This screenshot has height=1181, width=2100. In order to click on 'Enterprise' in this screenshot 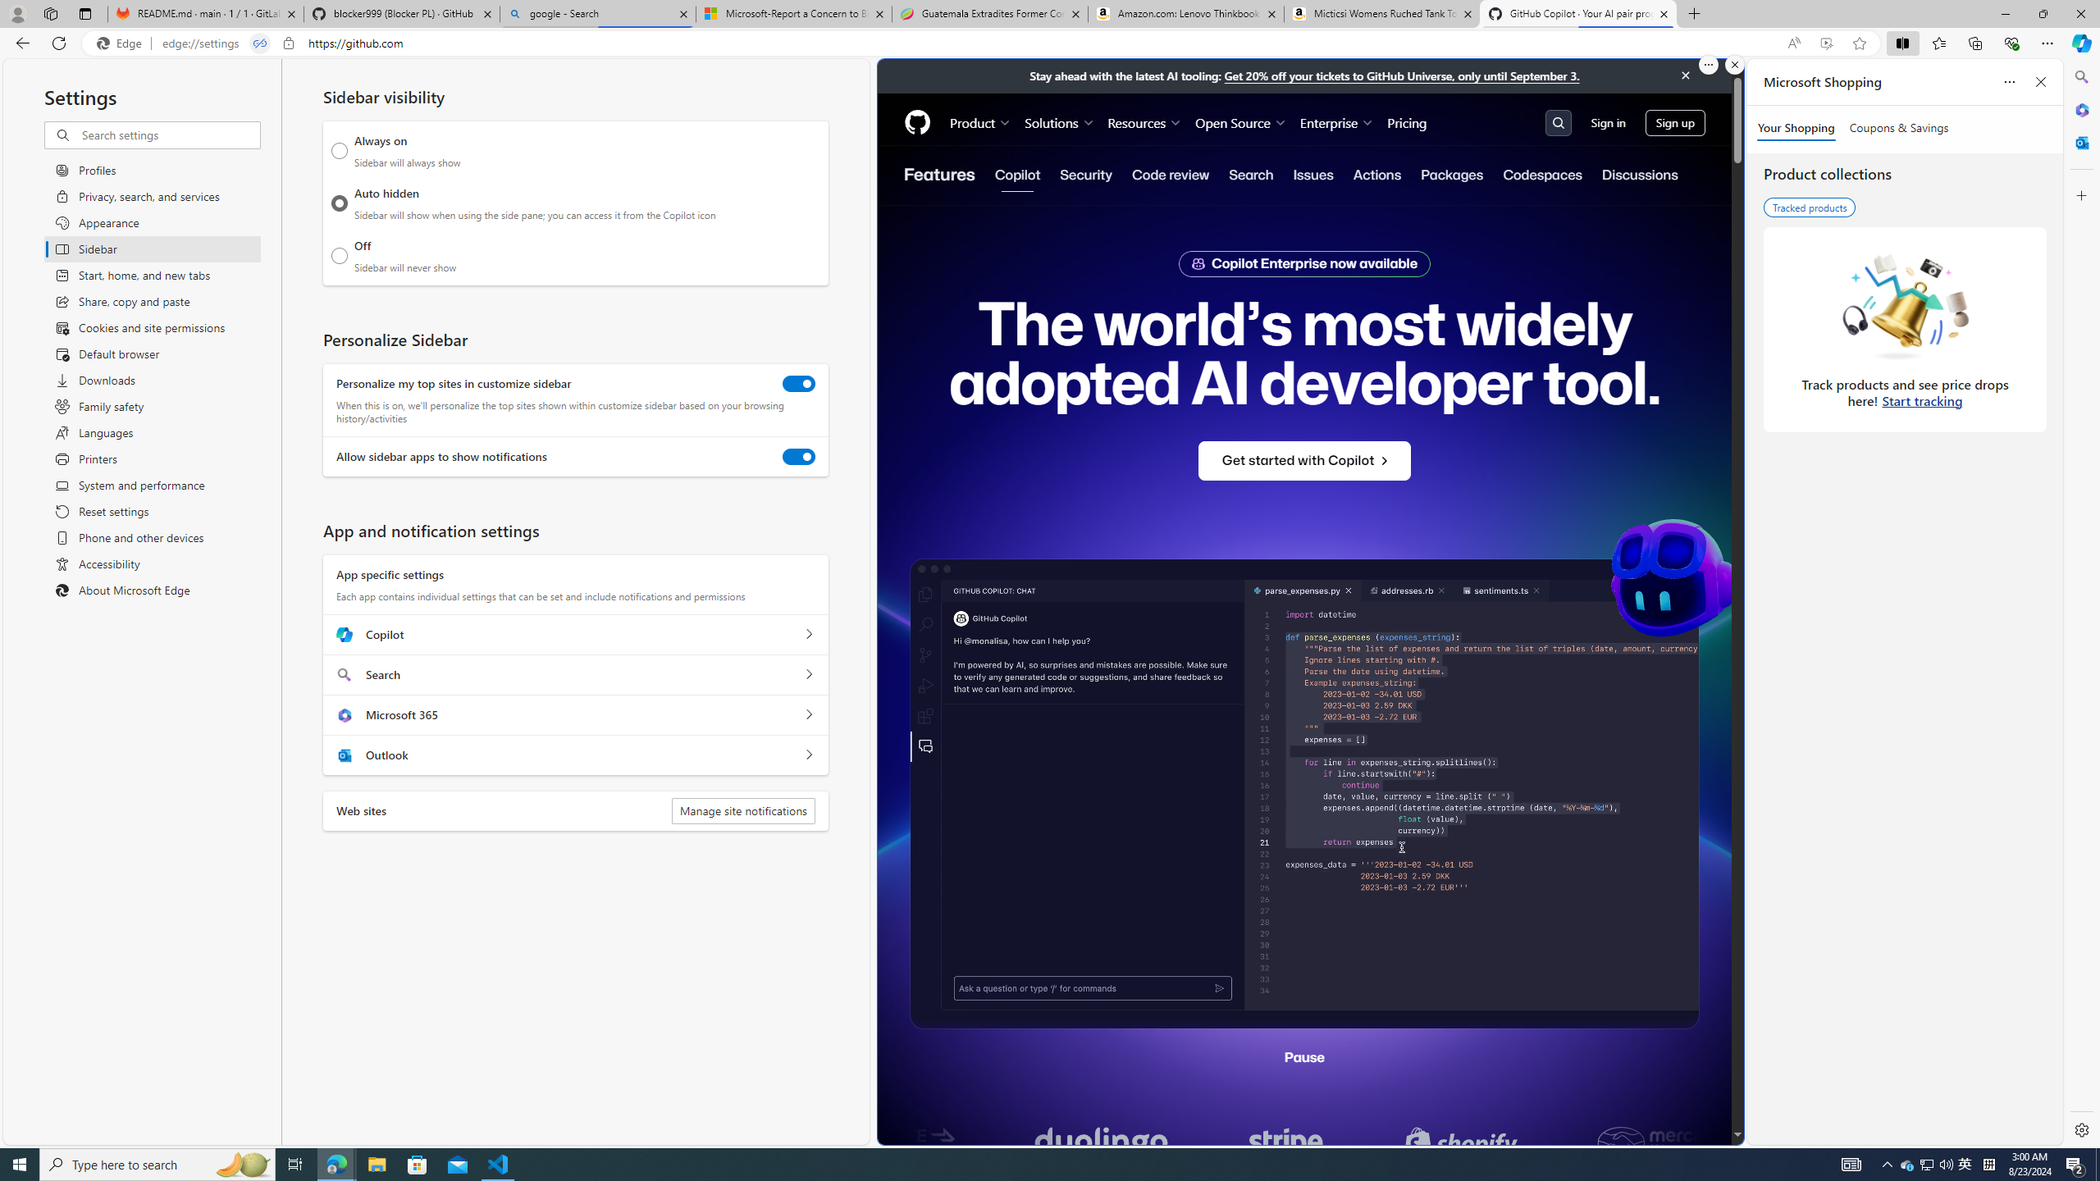, I will do `click(1337, 122)`.